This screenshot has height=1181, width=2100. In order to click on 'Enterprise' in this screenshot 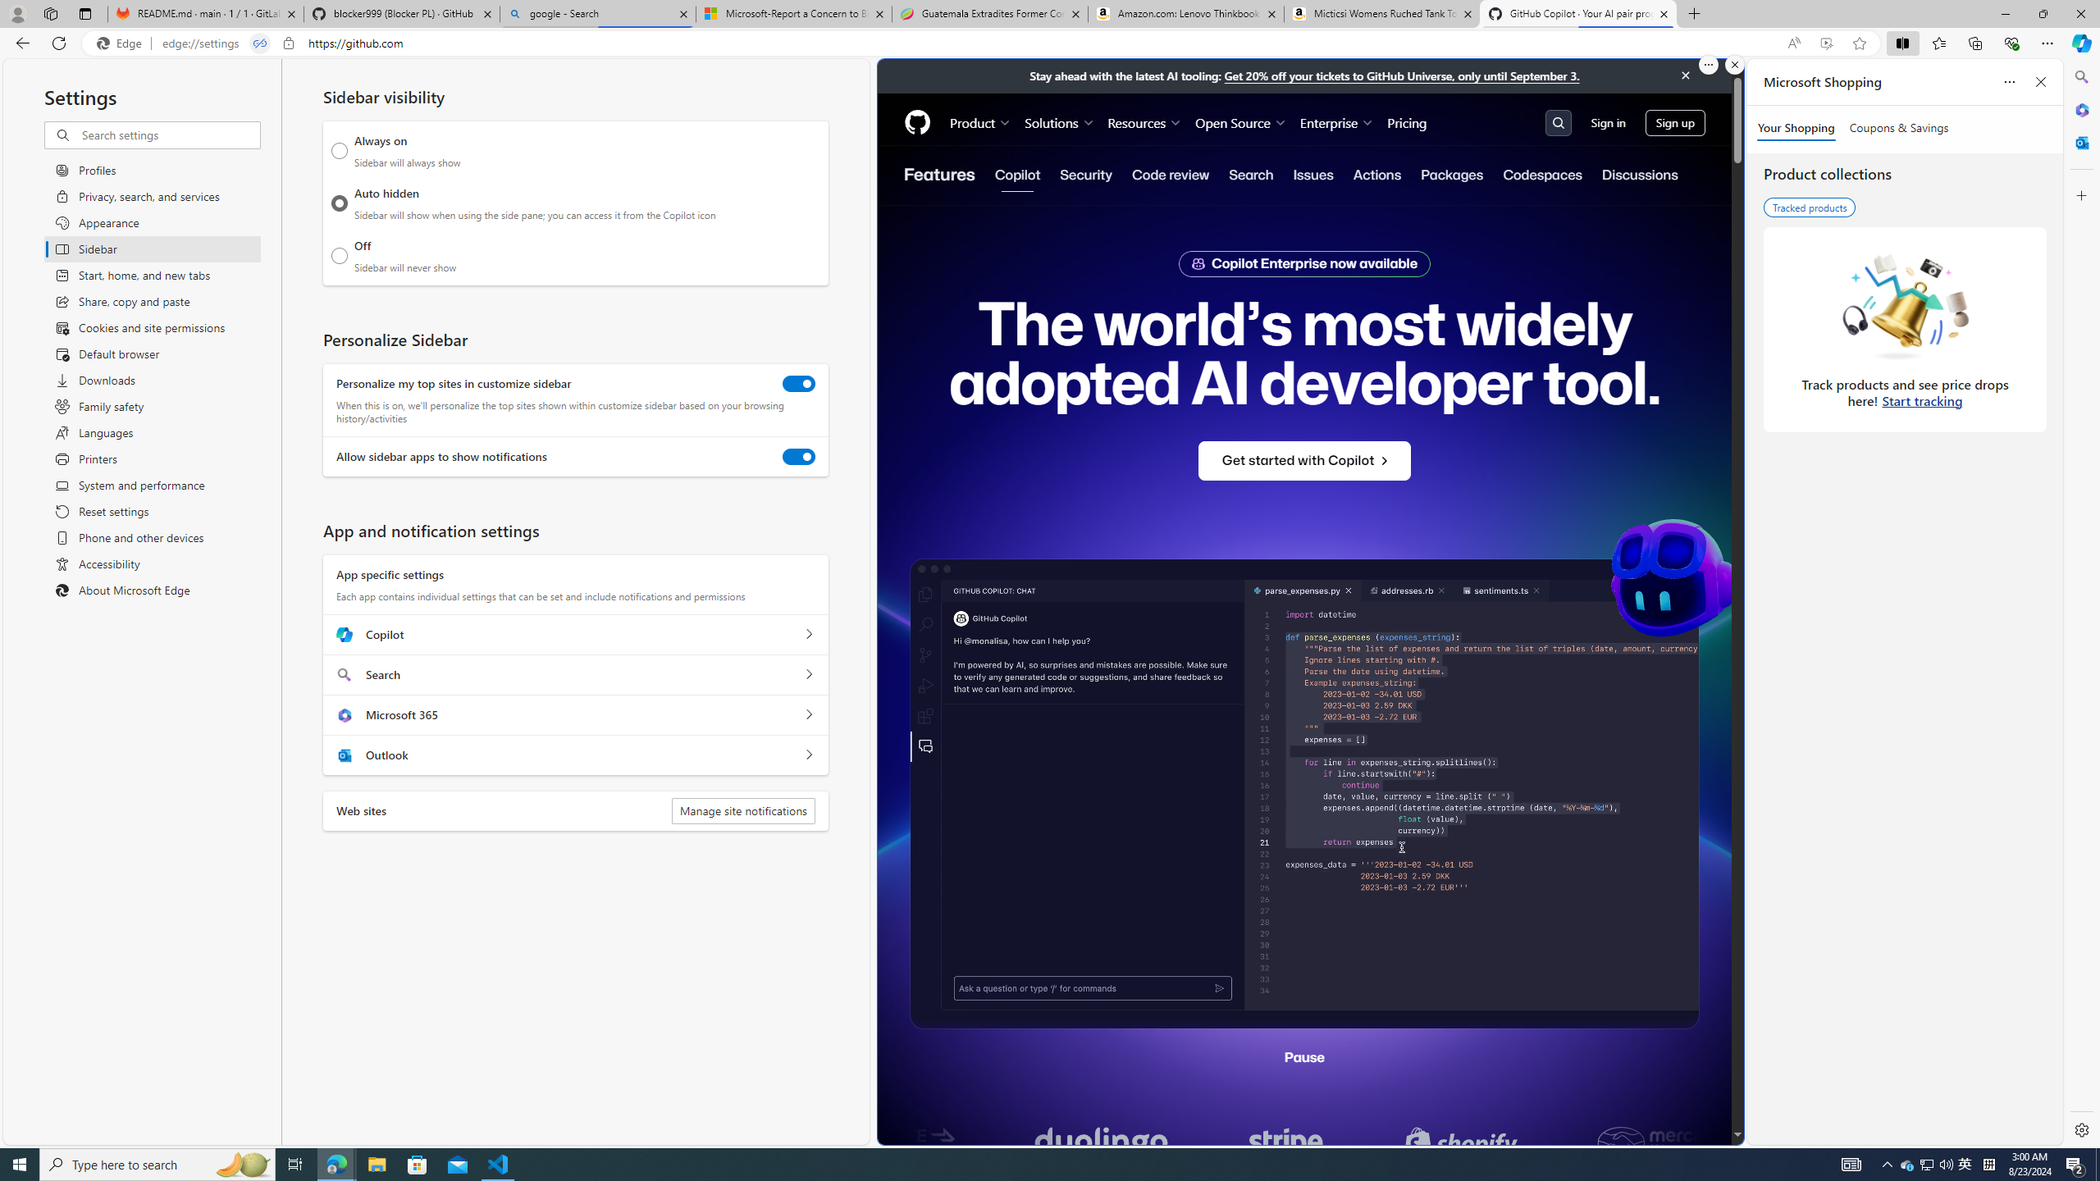, I will do `click(1337, 122)`.